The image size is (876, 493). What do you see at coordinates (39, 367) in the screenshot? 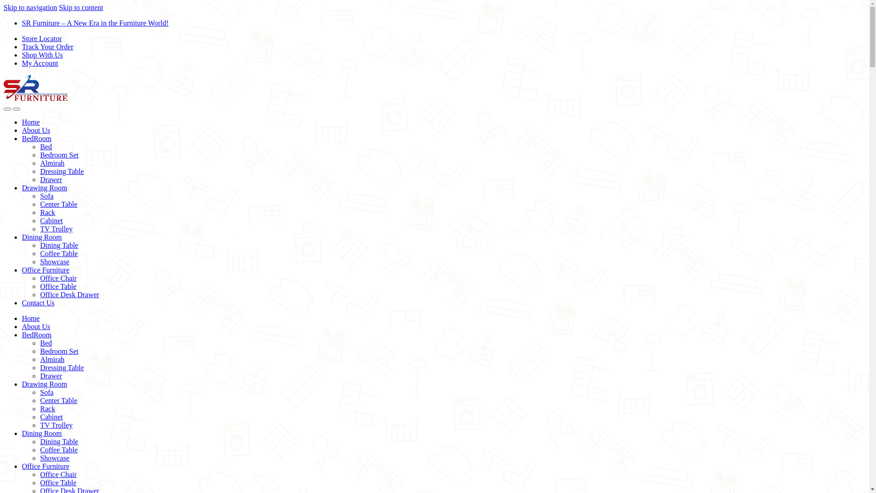
I see `'Dressing Table'` at bounding box center [39, 367].